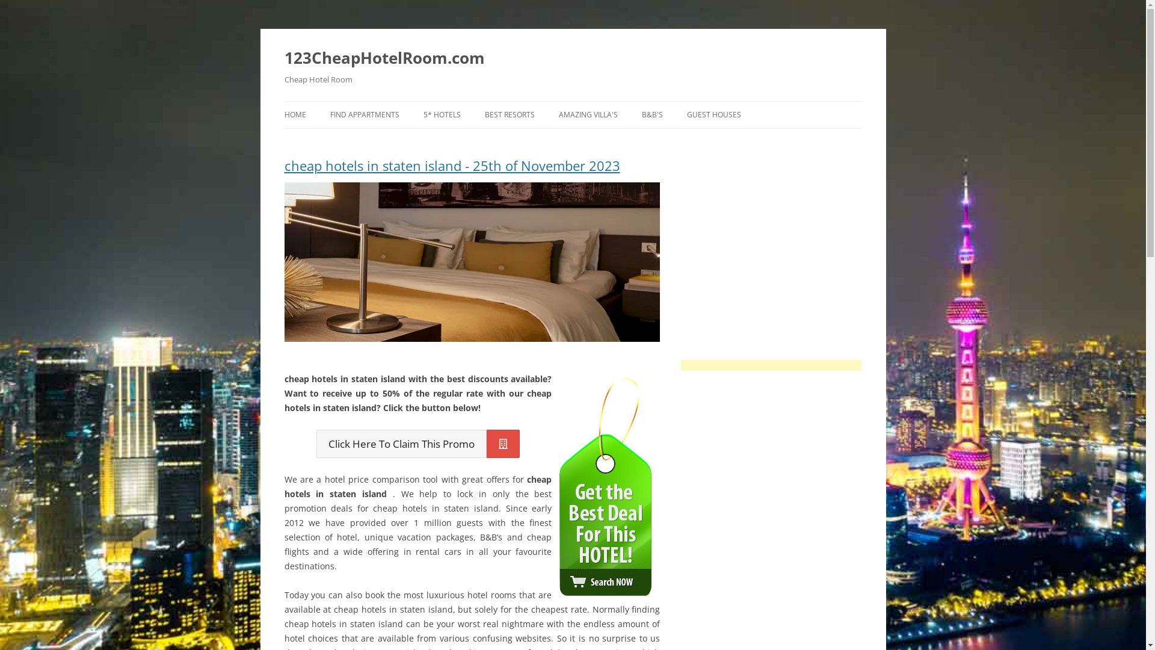  I want to click on 'Skip to content', so click(572, 101).